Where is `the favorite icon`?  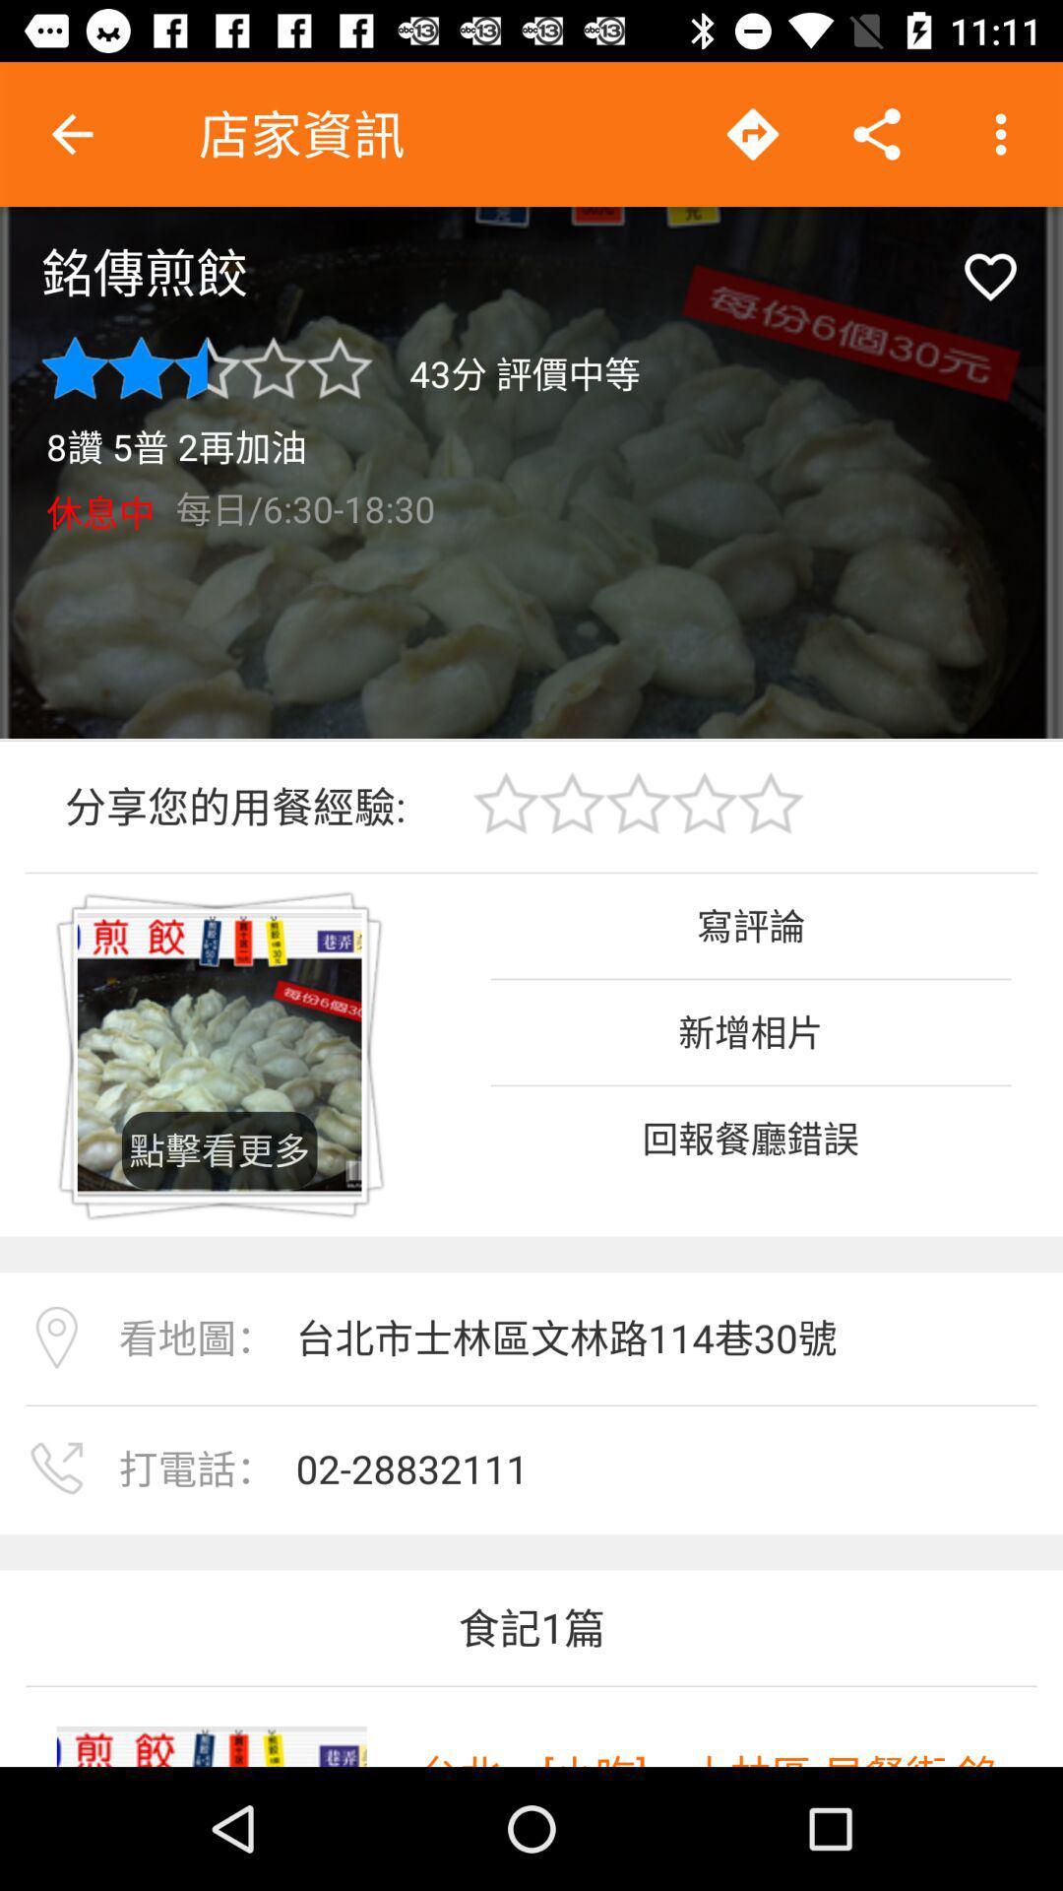
the favorite icon is located at coordinates (990, 276).